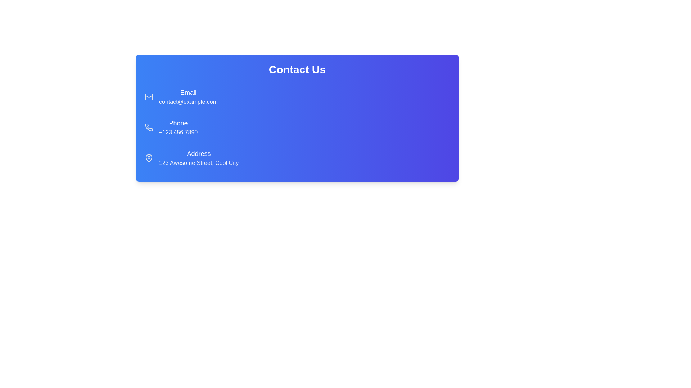  What do you see at coordinates (178, 133) in the screenshot?
I see `the Text Display element that shows the phone number, located within the 'Contact Us' card section, directly below the 'Phone' label` at bounding box center [178, 133].